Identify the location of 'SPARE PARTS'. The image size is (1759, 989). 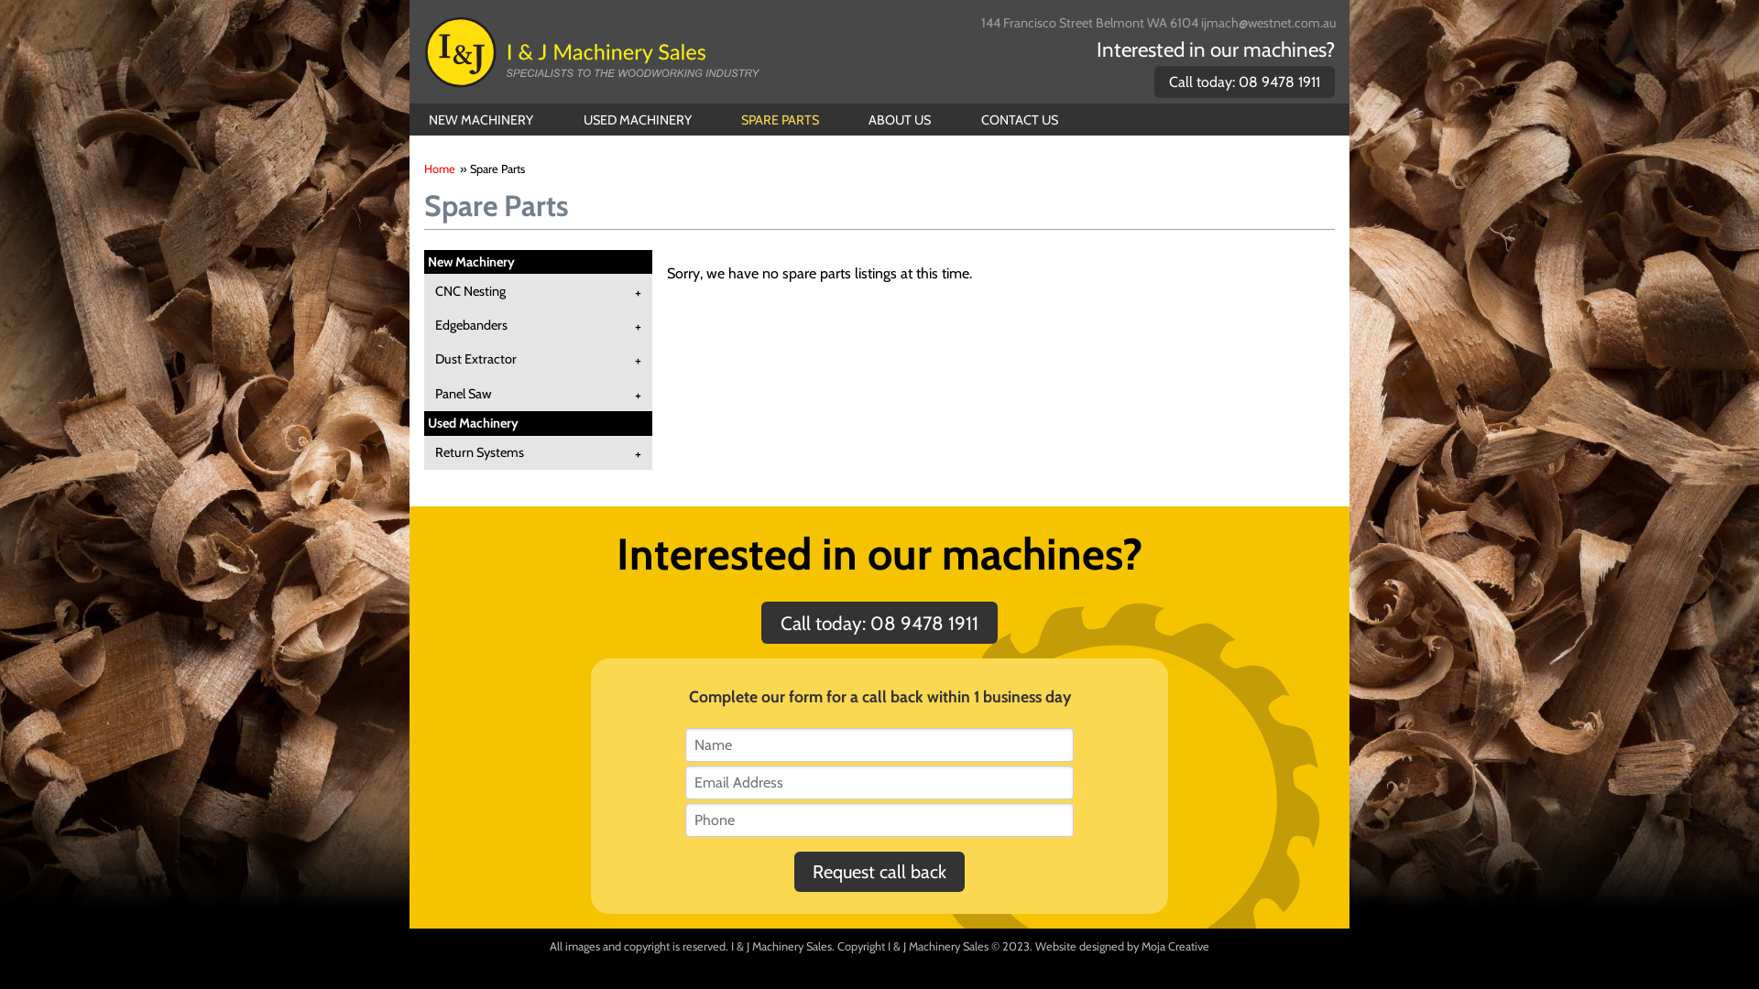
(779, 119).